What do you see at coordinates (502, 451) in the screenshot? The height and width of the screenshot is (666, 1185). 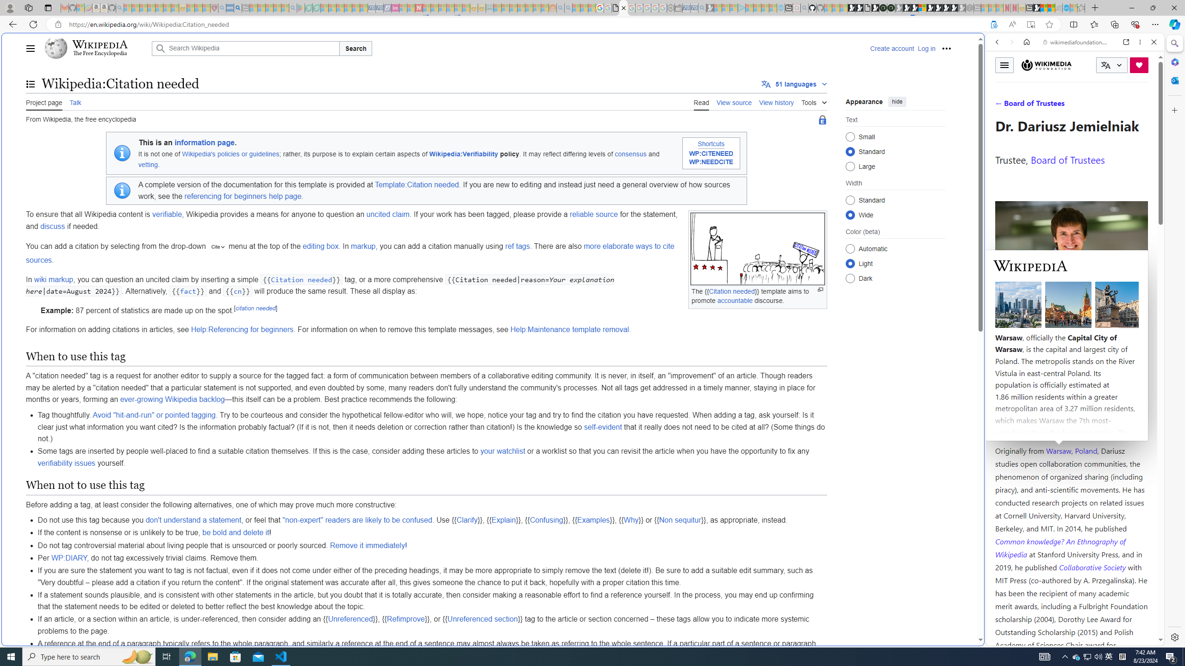 I see `'your watchlist'` at bounding box center [502, 451].